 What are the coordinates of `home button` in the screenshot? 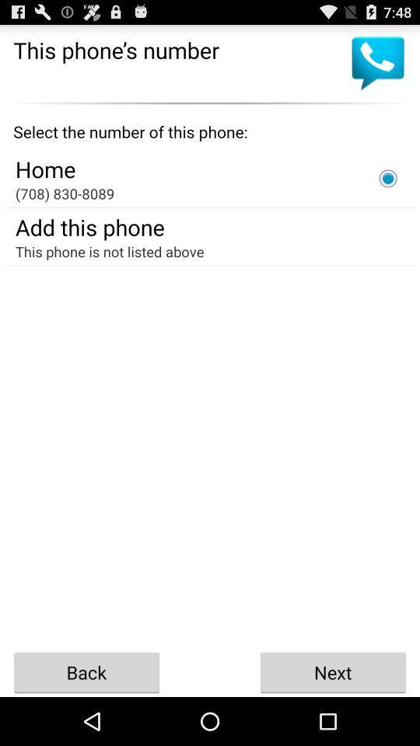 It's located at (387, 178).